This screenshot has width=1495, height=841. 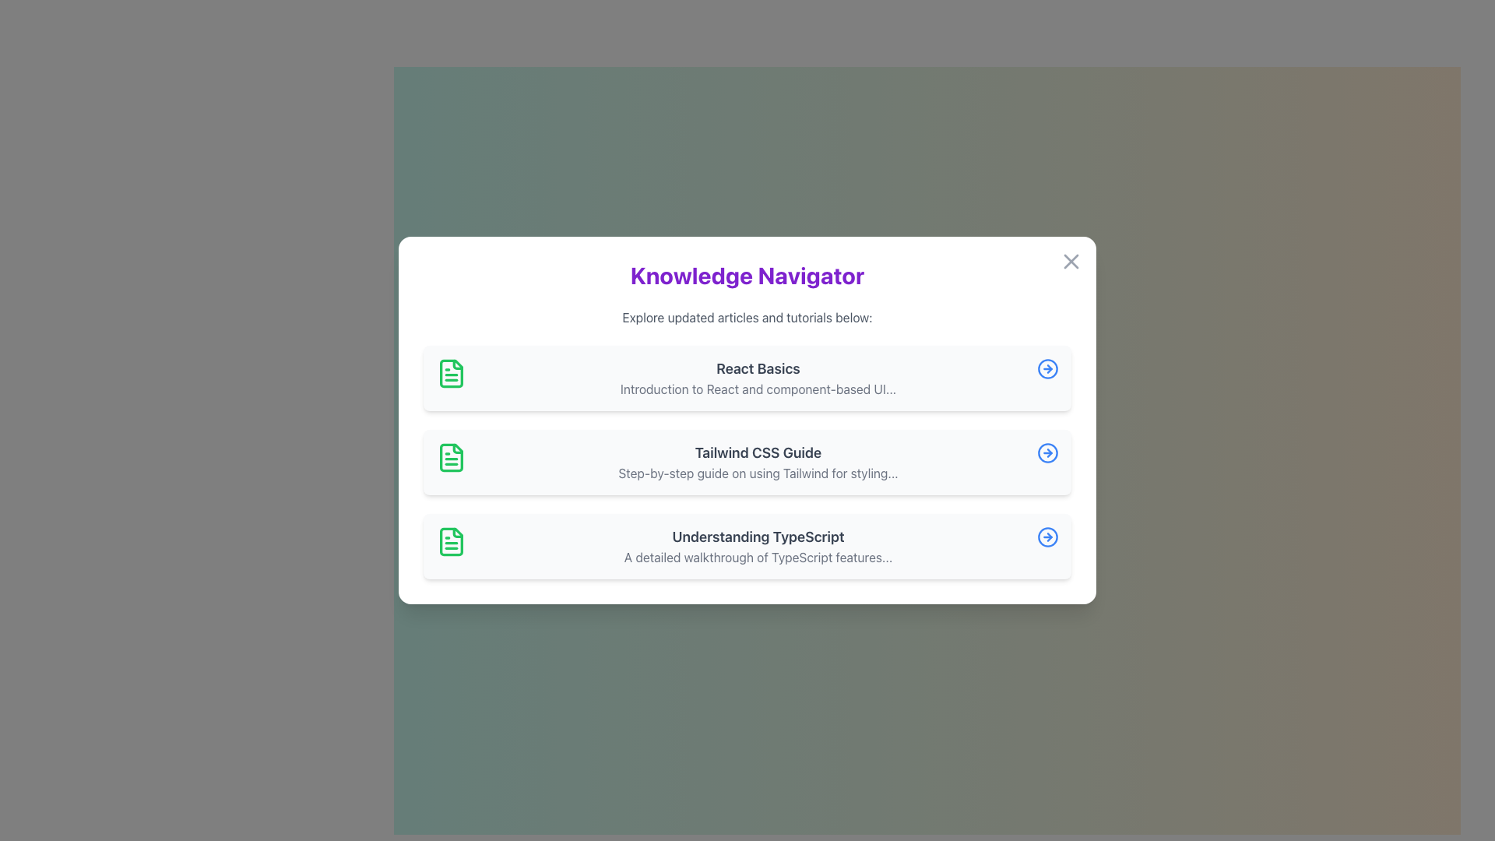 I want to click on the text block titled 'React Basics' within the card component, so click(x=758, y=378).